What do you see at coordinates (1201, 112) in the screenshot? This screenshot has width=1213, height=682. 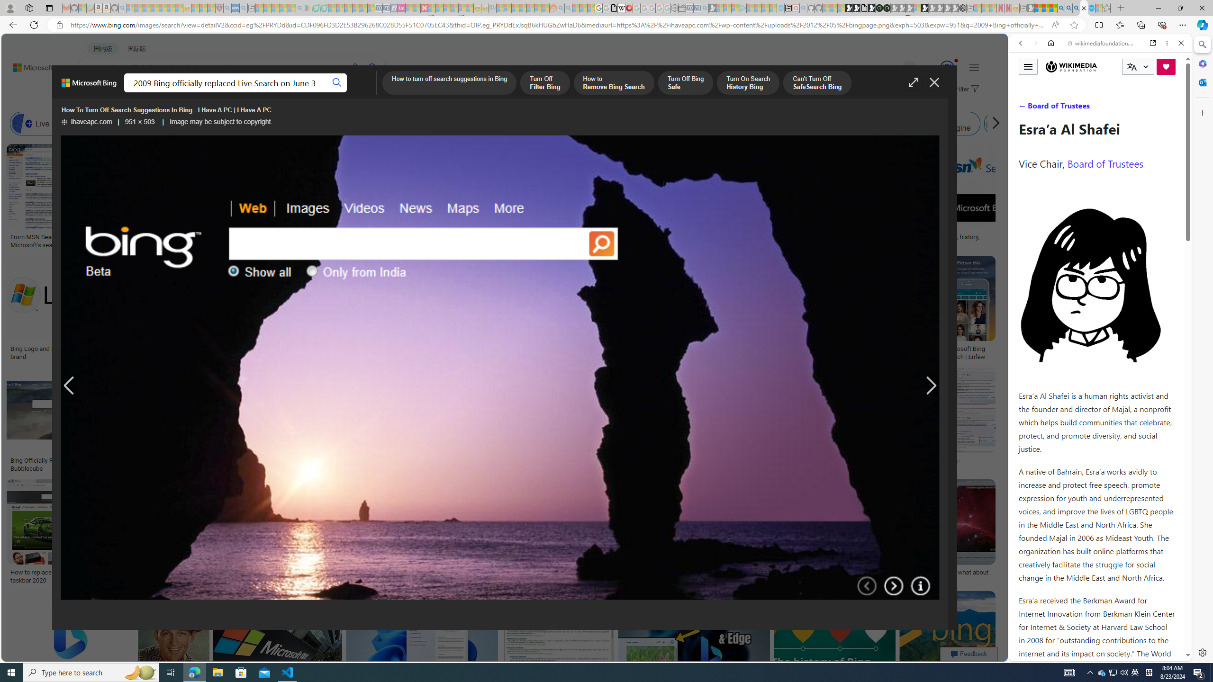 I see `'Close Customize pane'` at bounding box center [1201, 112].